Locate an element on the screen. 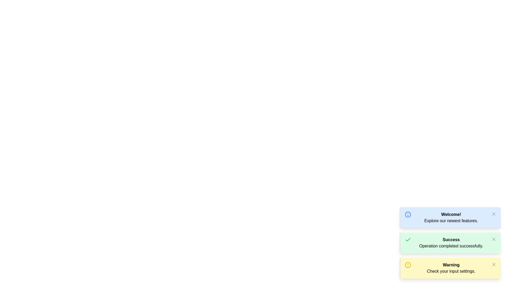 This screenshot has width=506, height=284. text label that says 'Success', which is styled in bold black font on a light green background, located in the middle of the notifications list is located at coordinates (451, 240).